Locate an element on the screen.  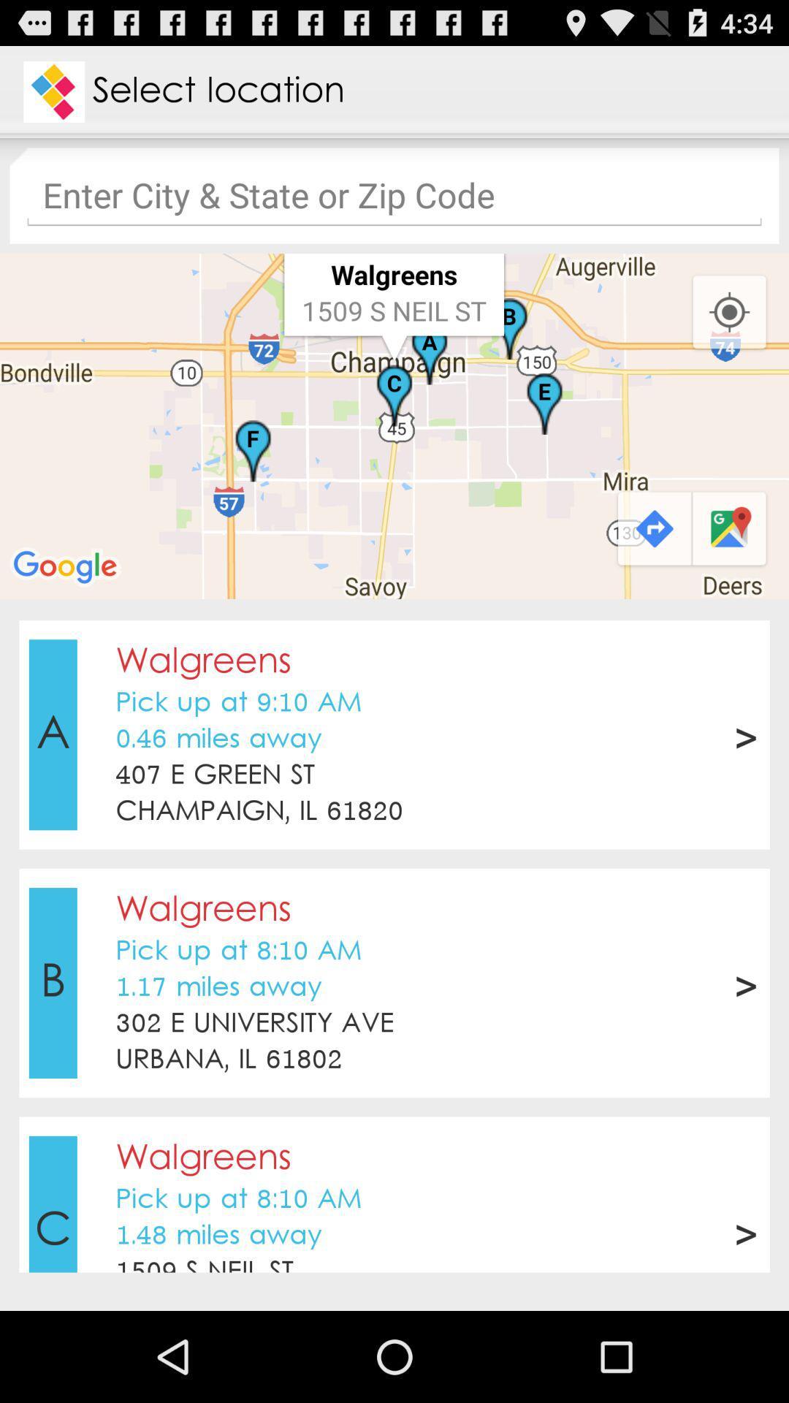
icon to the right of the a is located at coordinates (215, 775).